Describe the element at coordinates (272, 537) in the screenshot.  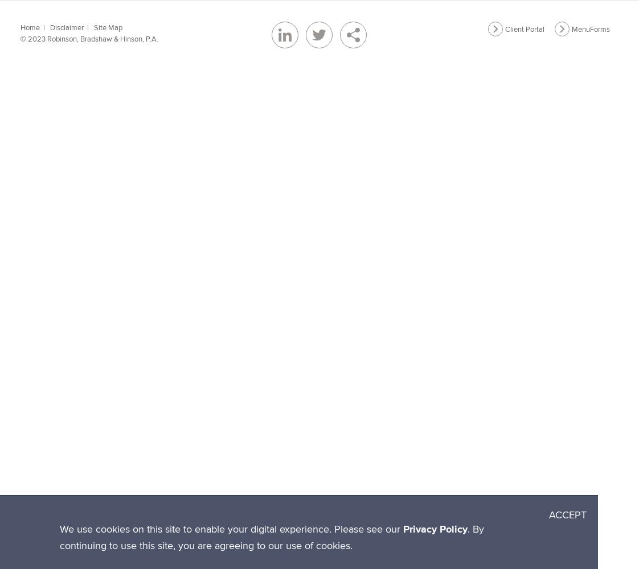
I see `'. By continuing to use this site, you are agreeing to our use of cookies.'` at that location.